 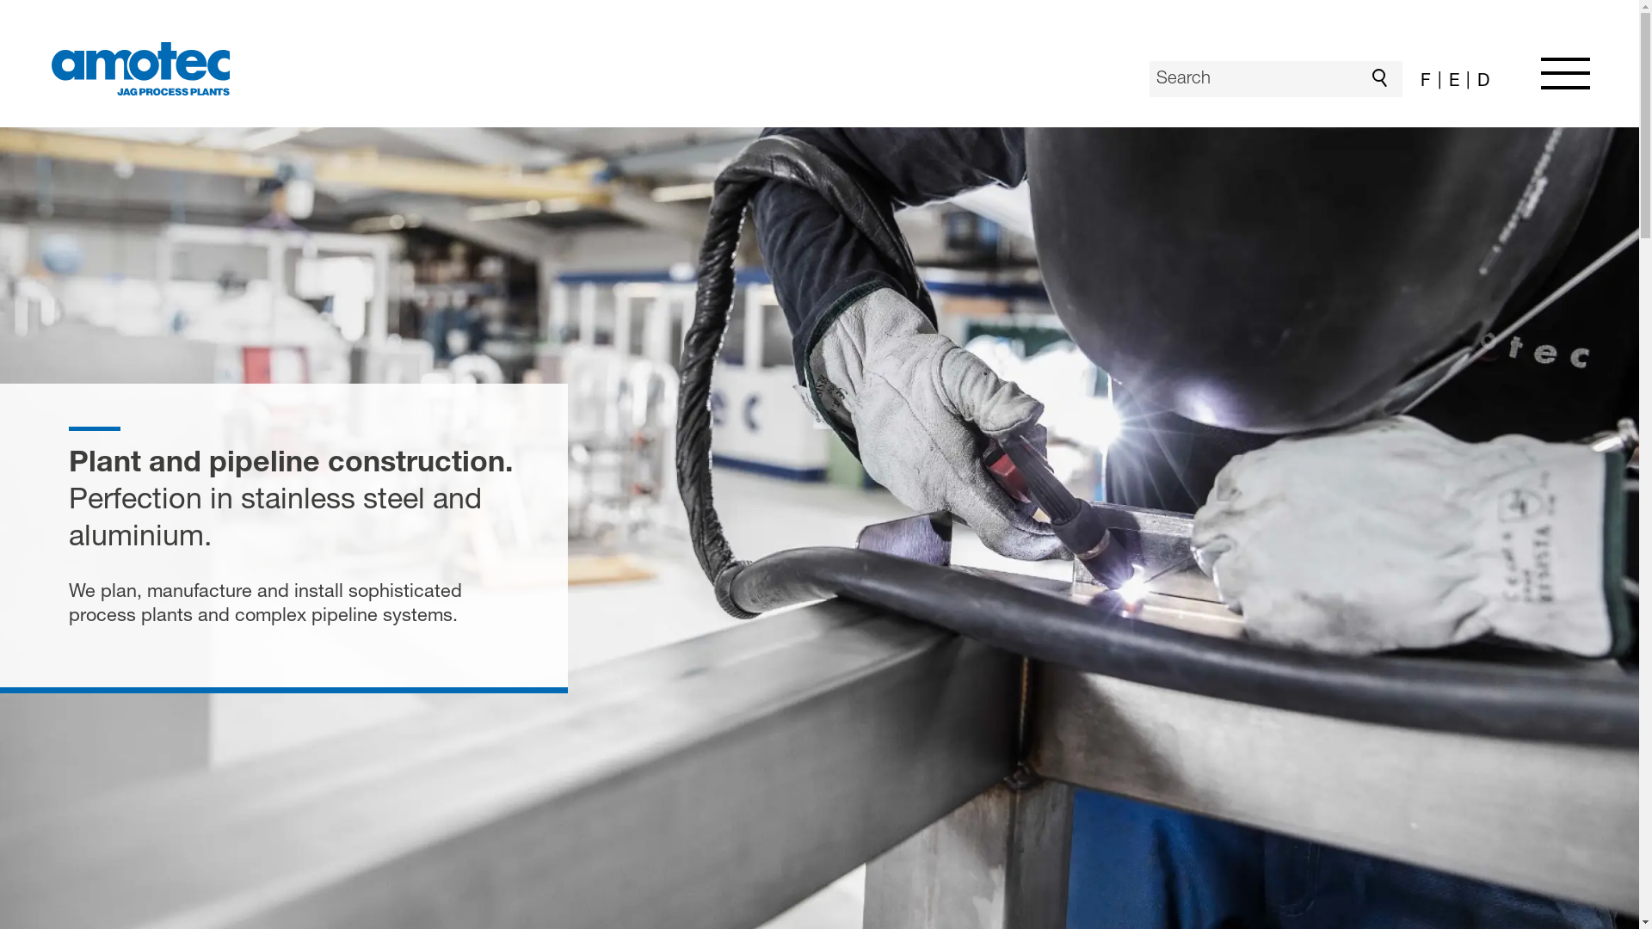 What do you see at coordinates (1384, 79) in the screenshot?
I see `'Search'` at bounding box center [1384, 79].